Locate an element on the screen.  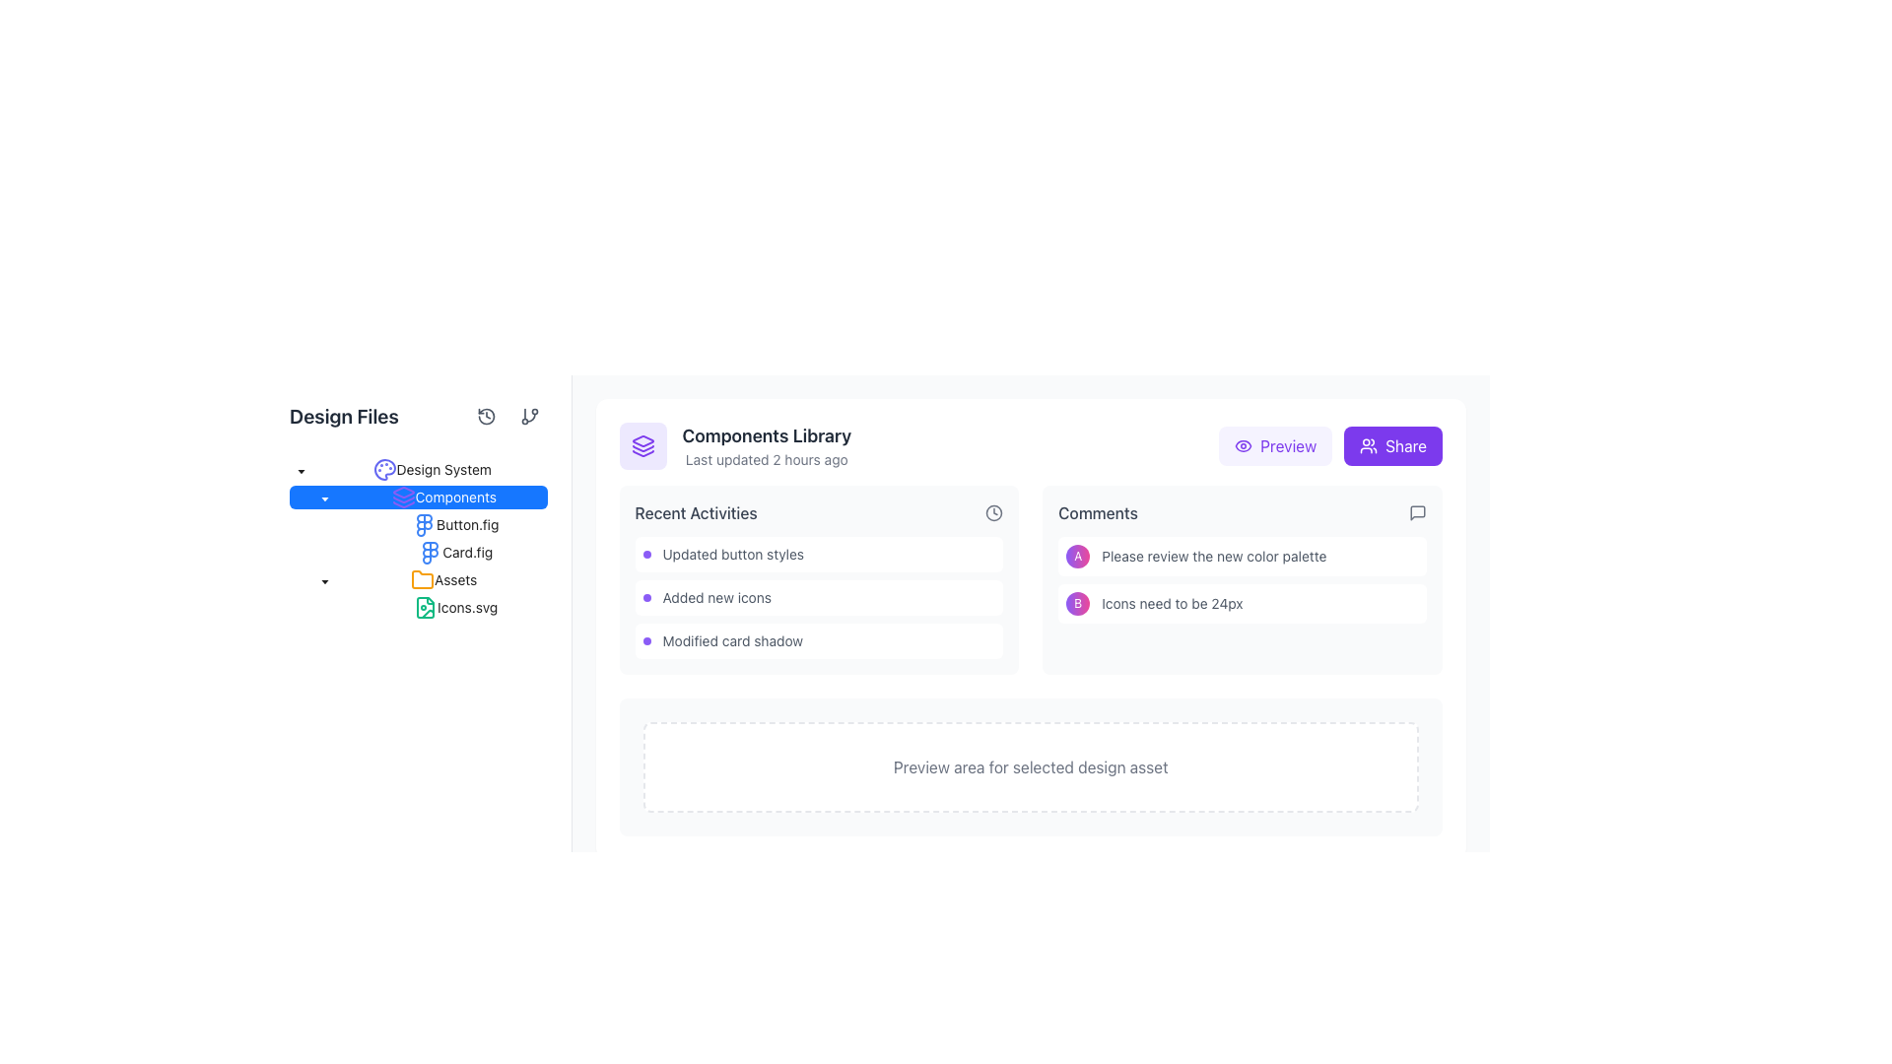
the toggle switch icon is located at coordinates (325, 497).